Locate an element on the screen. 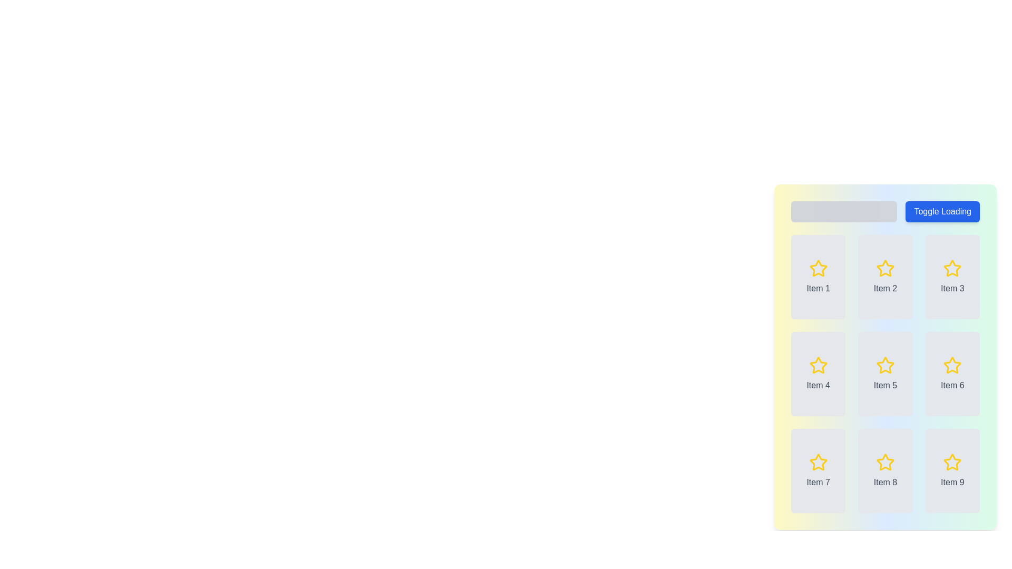 The height and width of the screenshot is (569, 1012). the icon associated with 'Item 7' located in the leftmost column of the bottom row of the grid is located at coordinates (818, 462).